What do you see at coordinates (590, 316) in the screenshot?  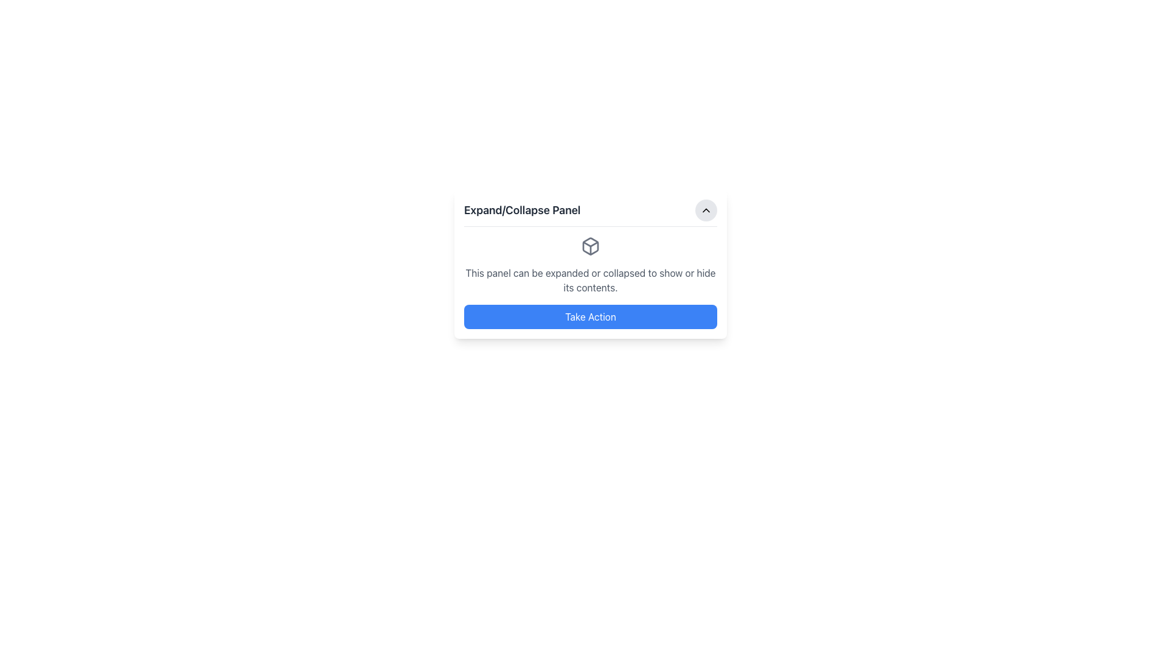 I see `the rectangular blue button labeled 'Take Action' to trigger hover effects` at bounding box center [590, 316].